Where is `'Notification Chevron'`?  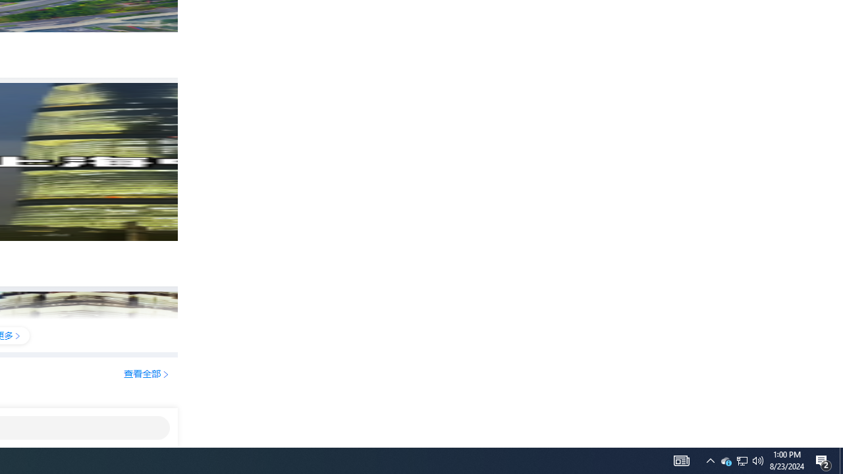
'Notification Chevron' is located at coordinates (742, 460).